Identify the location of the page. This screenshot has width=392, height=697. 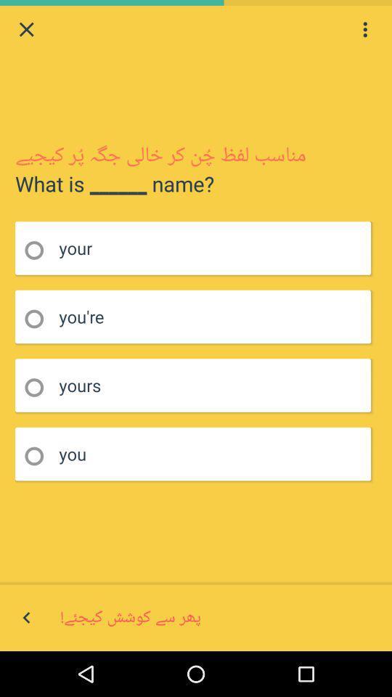
(26, 28).